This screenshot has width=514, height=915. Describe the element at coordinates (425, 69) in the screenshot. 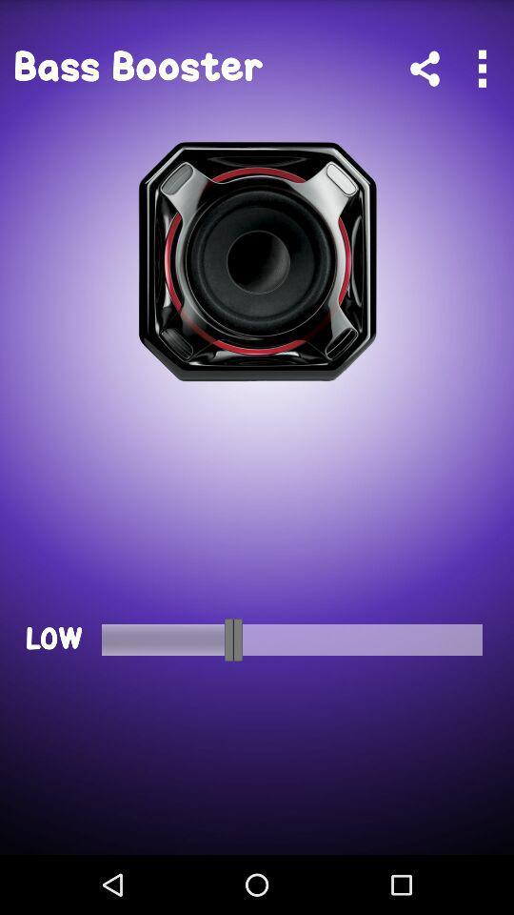

I see `share this app` at that location.